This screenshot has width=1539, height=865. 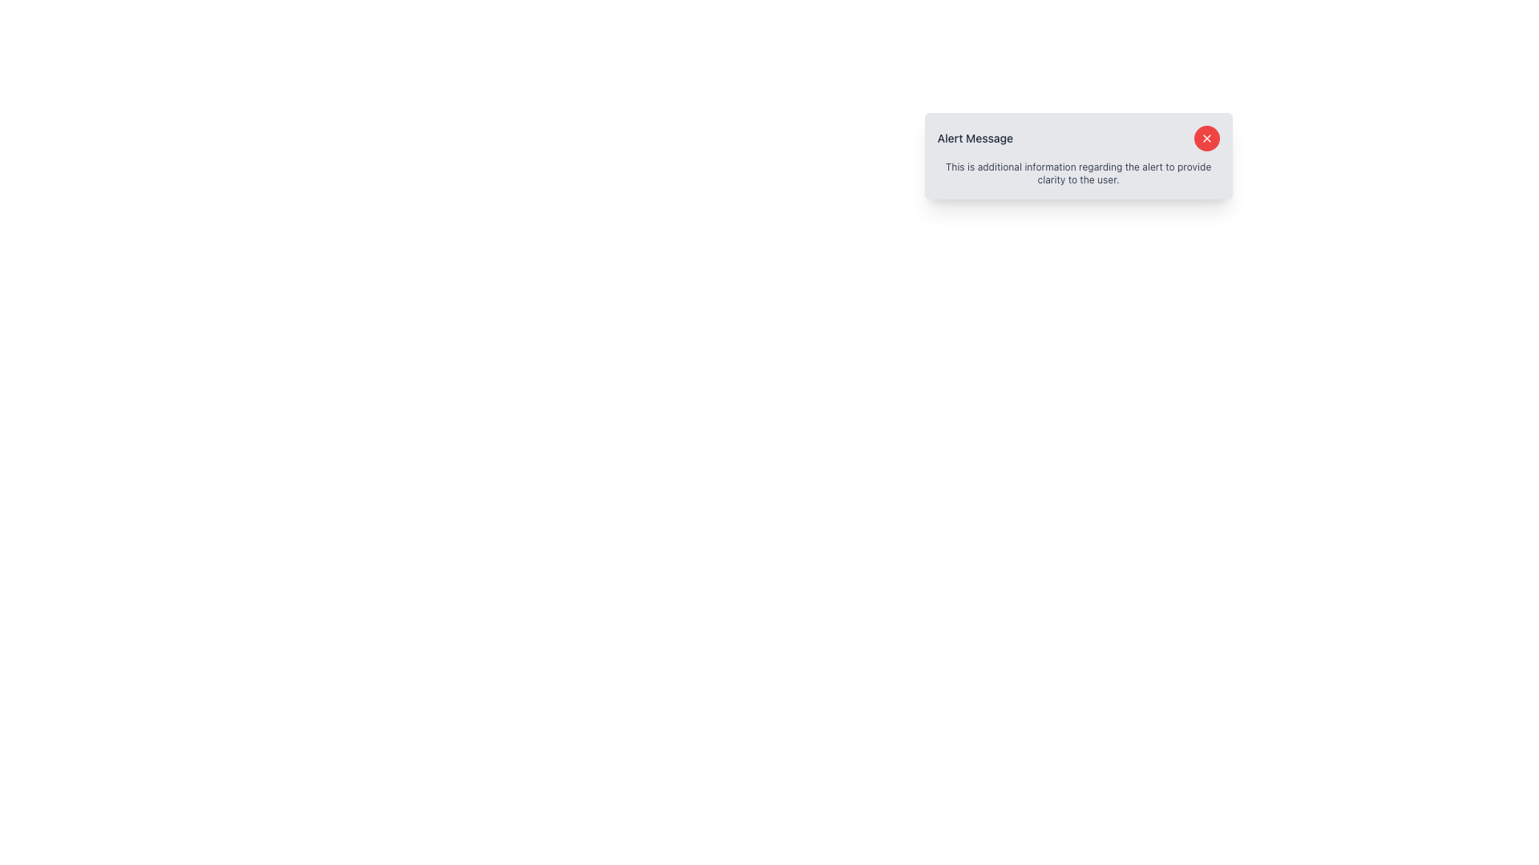 What do you see at coordinates (974, 138) in the screenshot?
I see `the header text of the notification card, which is located at the top left of the component, preceding a red circular close button` at bounding box center [974, 138].